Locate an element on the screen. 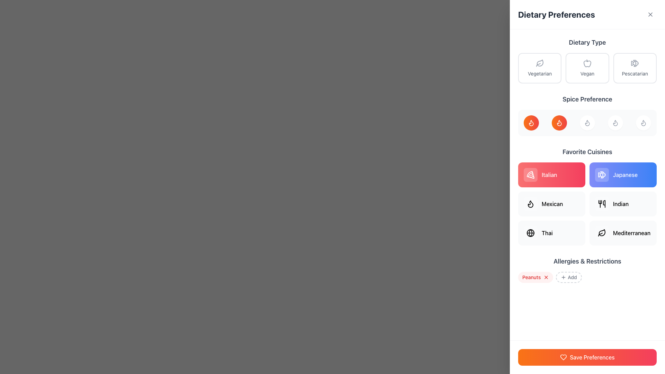 Image resolution: width=665 pixels, height=374 pixels. the small rectangular button with rounded corners and a light blue background, featuring a white fish icon is located at coordinates (601, 175).